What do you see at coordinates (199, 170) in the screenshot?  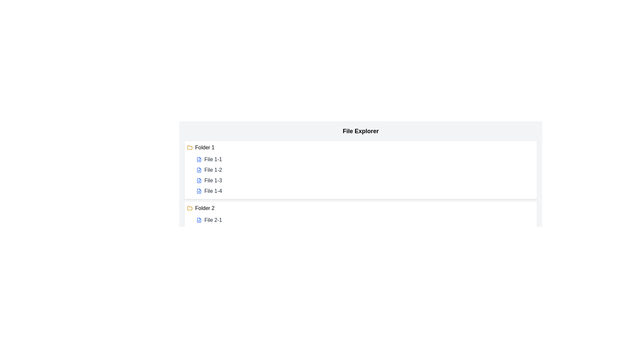 I see `the file icon representing the addition or creation of a new related item, located to the left of the text 'File 1-2' in the file explorer under 'Folder 1'` at bounding box center [199, 170].